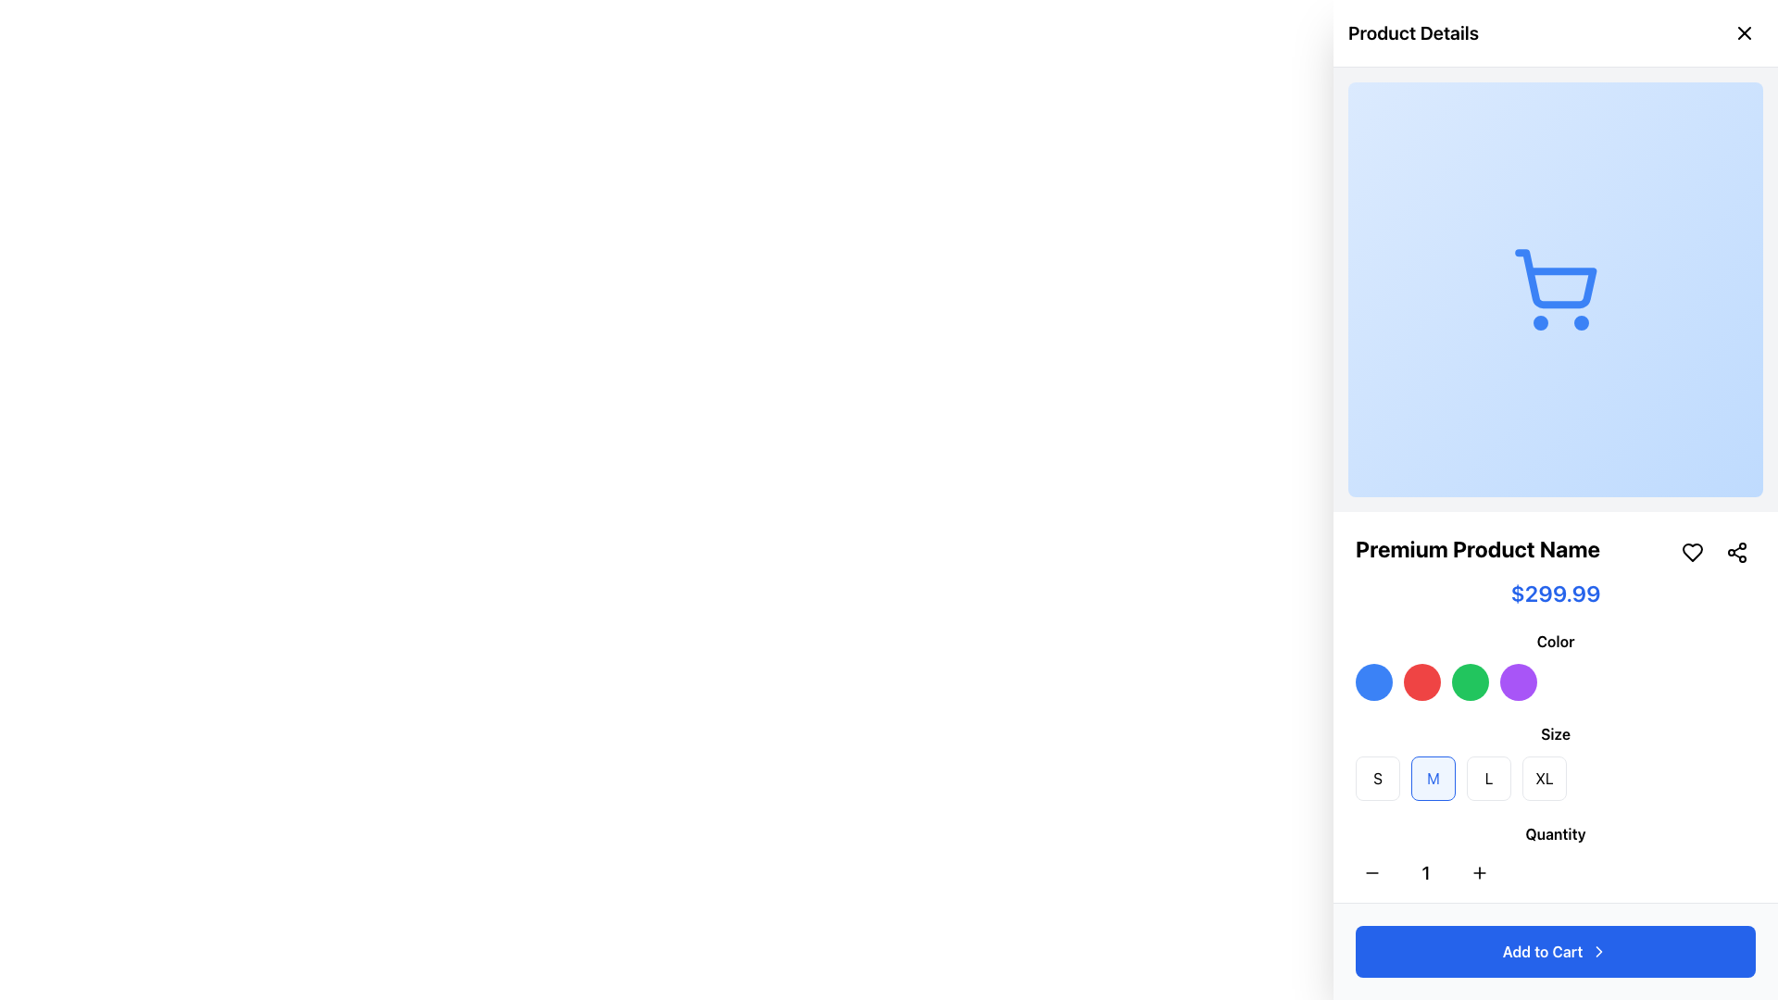  Describe the element at coordinates (1372, 872) in the screenshot. I see `the decrement button located to the left of the numeric quantity display to decrease the quantity` at that location.